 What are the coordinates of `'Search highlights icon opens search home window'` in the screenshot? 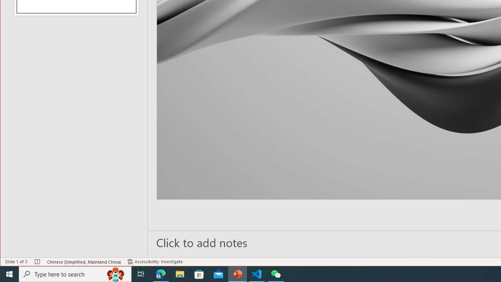 It's located at (115, 273).